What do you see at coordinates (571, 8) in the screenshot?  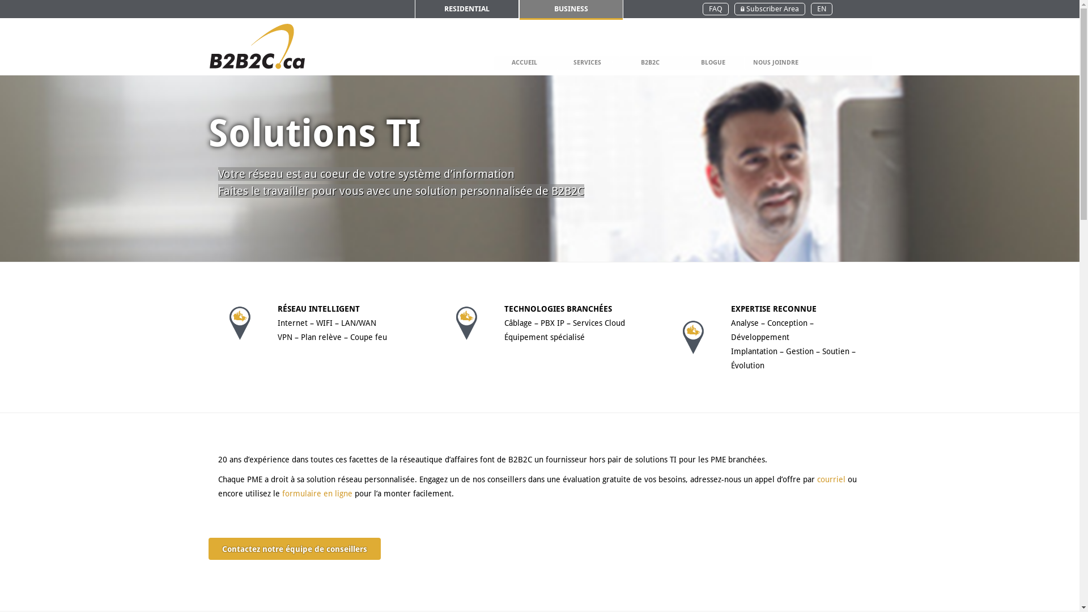 I see `'BUSINESS'` at bounding box center [571, 8].